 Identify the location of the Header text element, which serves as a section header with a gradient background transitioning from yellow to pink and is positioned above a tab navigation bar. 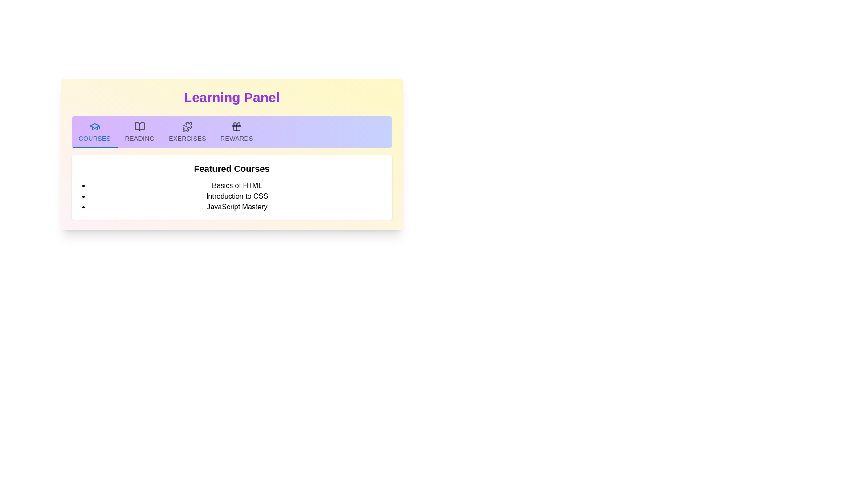
(232, 98).